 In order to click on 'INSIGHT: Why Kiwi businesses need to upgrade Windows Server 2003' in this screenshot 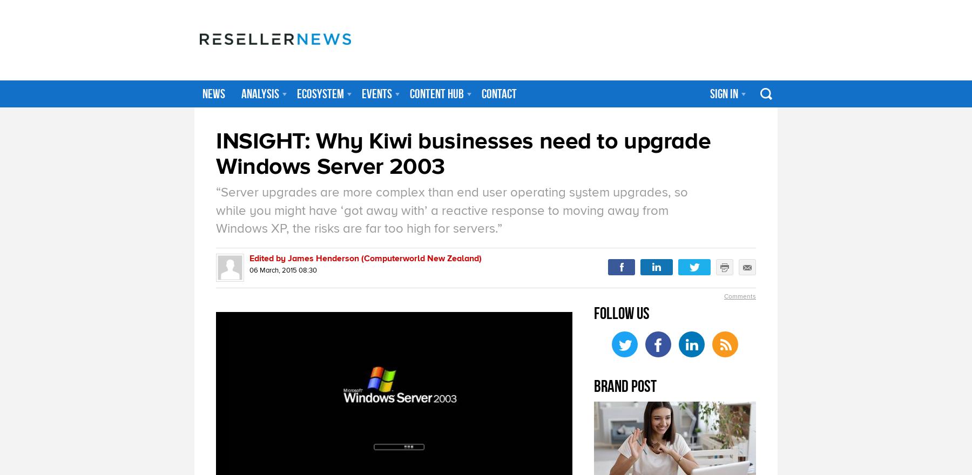, I will do `click(463, 154)`.